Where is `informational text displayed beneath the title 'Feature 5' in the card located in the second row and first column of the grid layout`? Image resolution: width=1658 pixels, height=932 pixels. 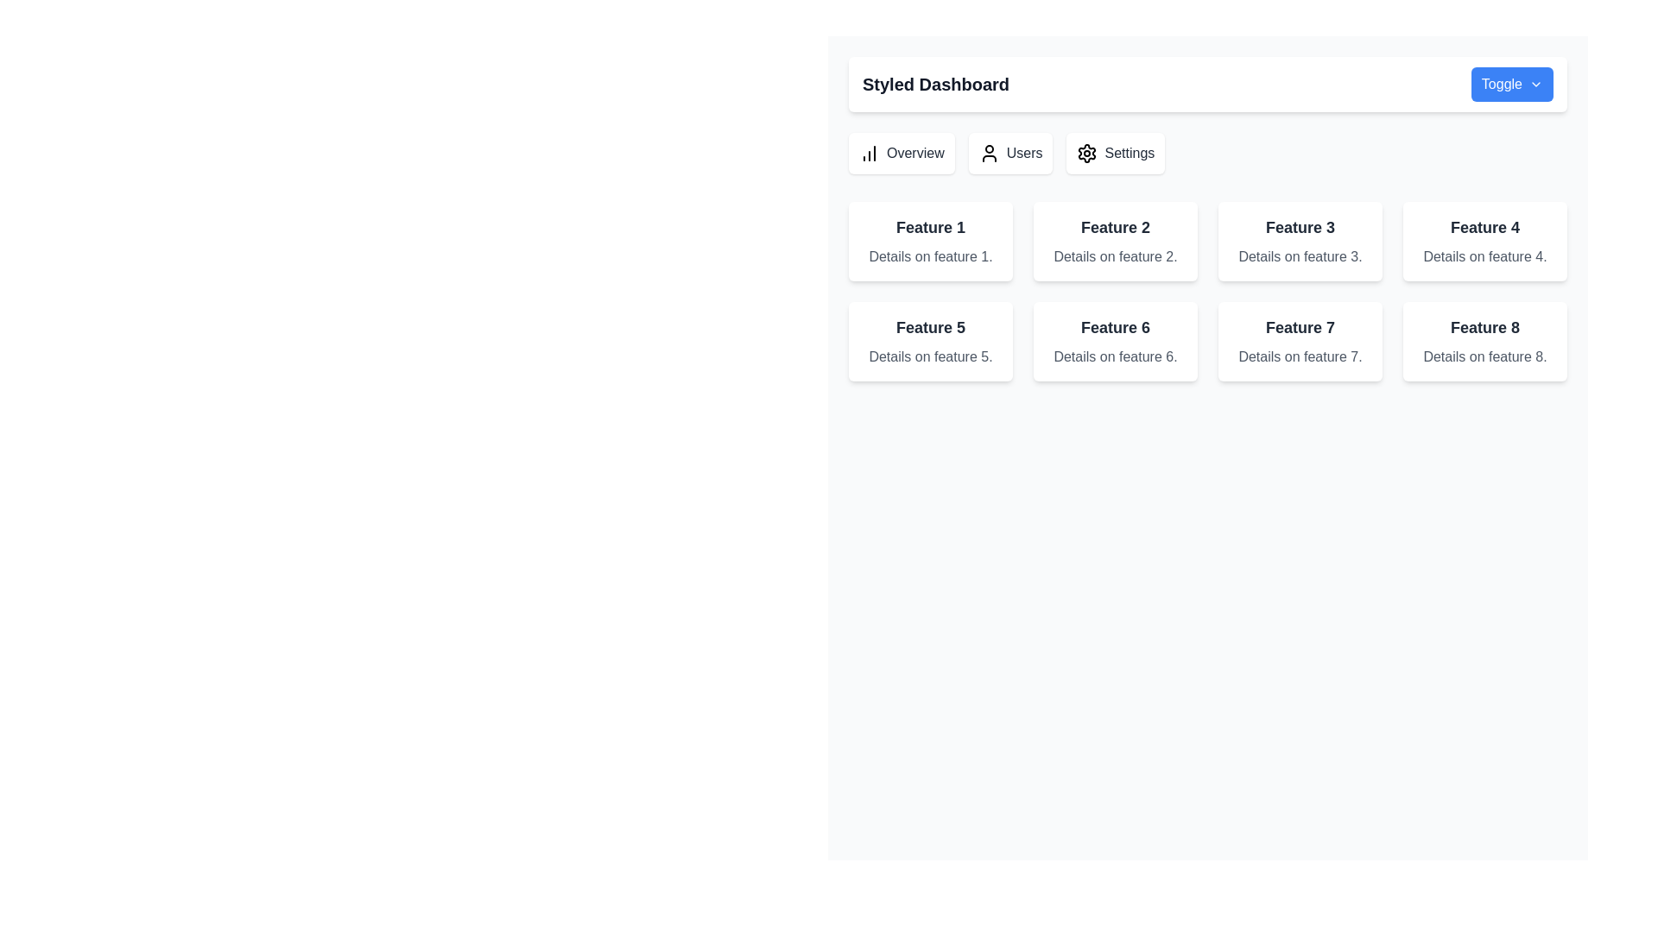 informational text displayed beneath the title 'Feature 5' in the card located in the second row and first column of the grid layout is located at coordinates (930, 356).